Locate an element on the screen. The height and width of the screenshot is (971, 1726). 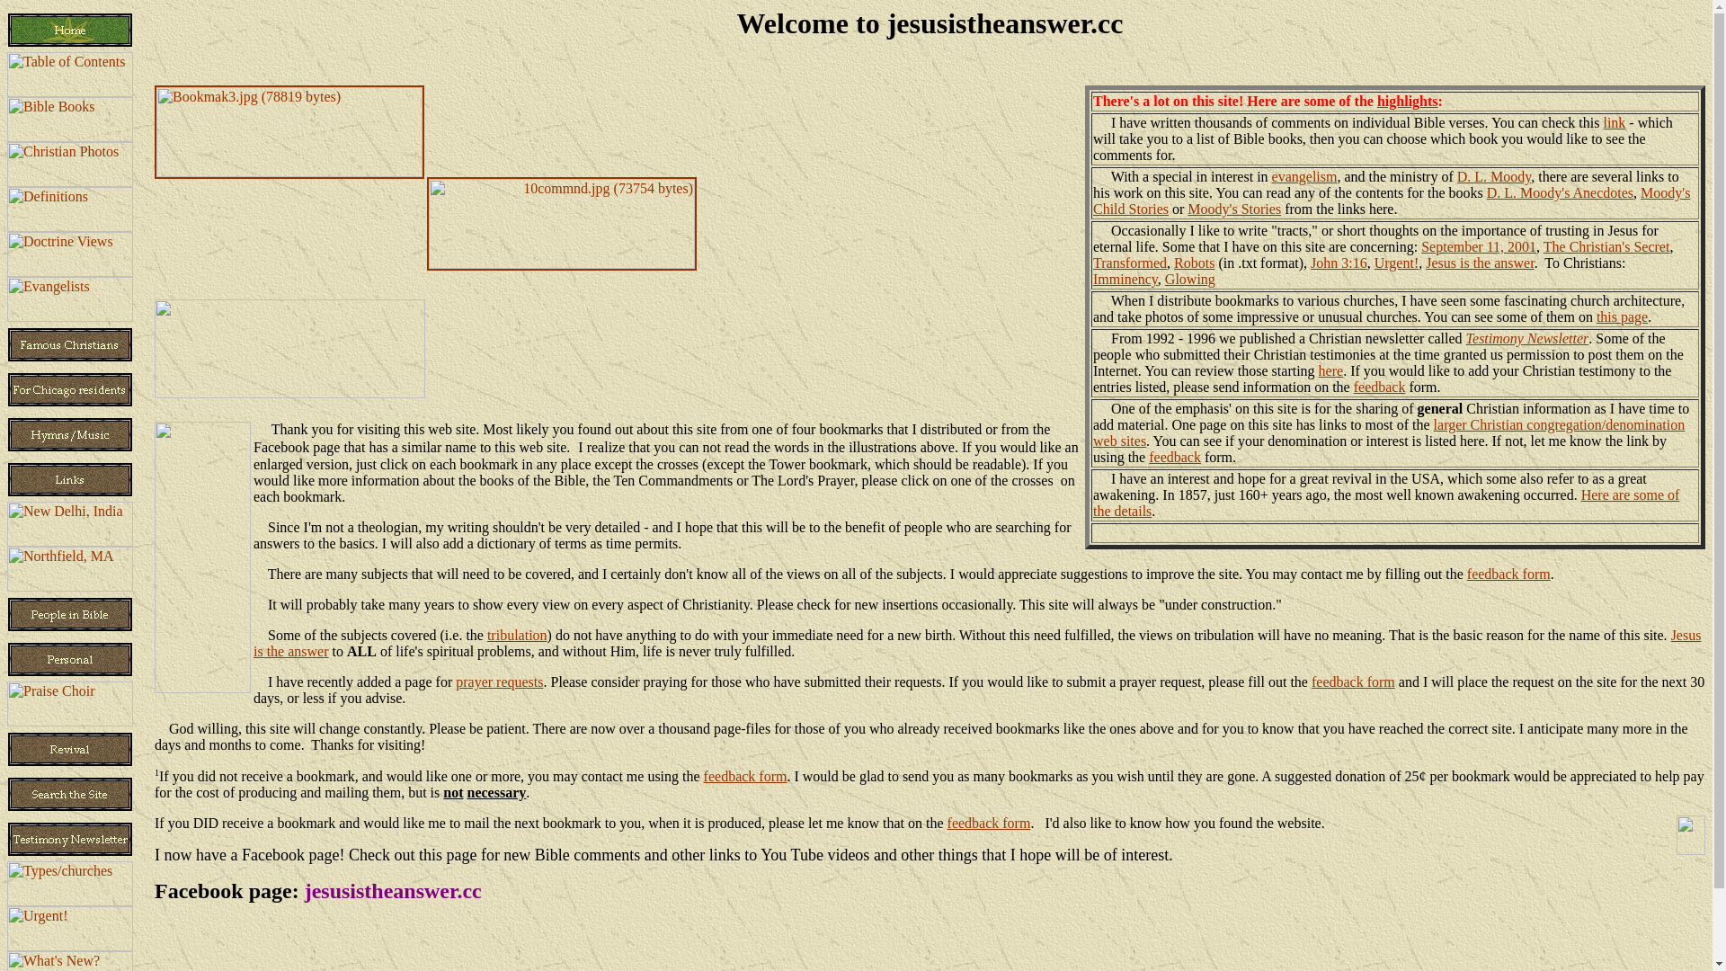
'link' is located at coordinates (1602, 121).